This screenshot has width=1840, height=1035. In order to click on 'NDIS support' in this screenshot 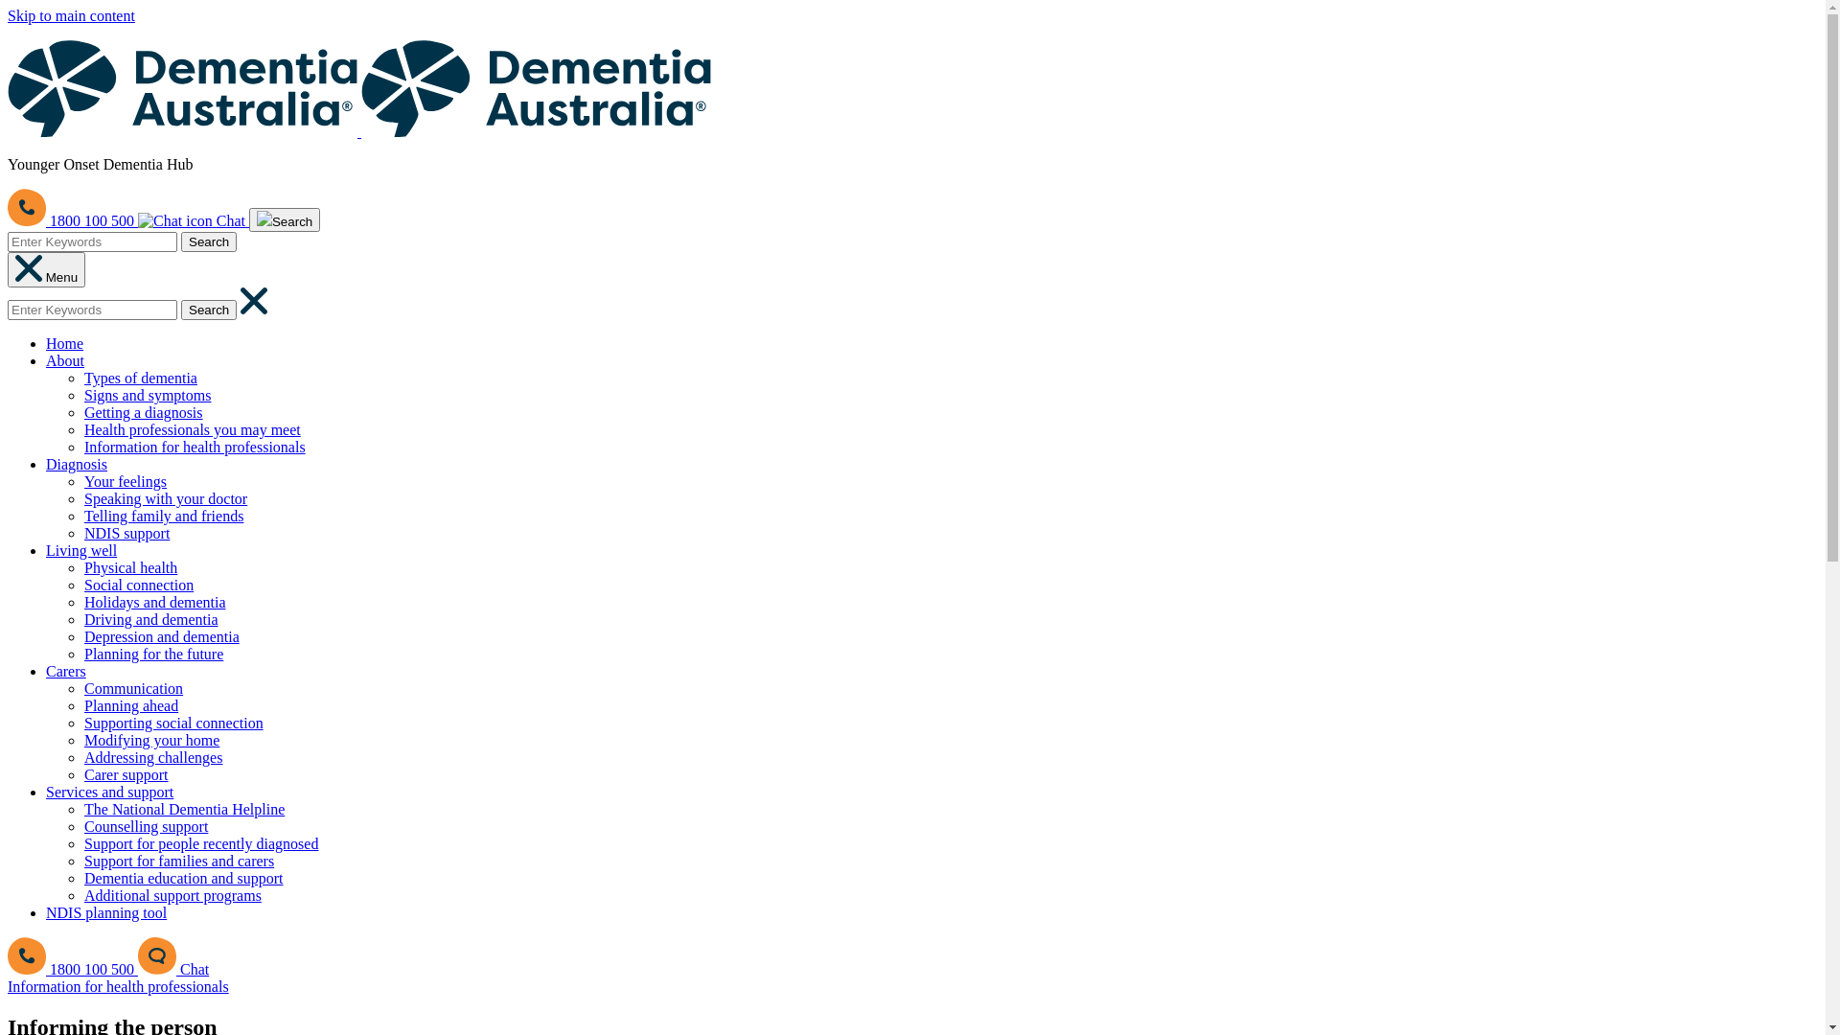, I will do `click(126, 533)`.